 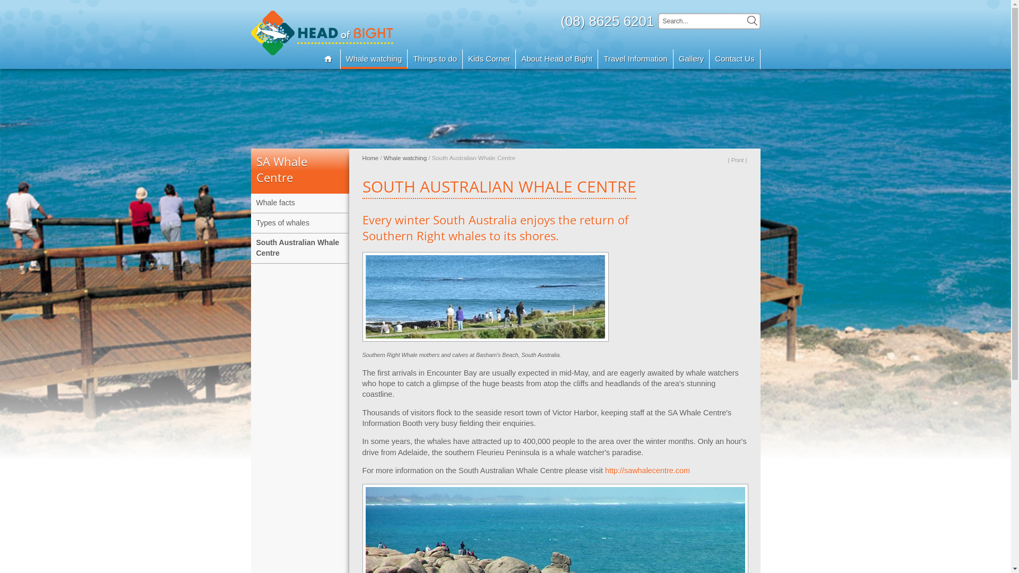 What do you see at coordinates (249, 203) in the screenshot?
I see `'Whale facts'` at bounding box center [249, 203].